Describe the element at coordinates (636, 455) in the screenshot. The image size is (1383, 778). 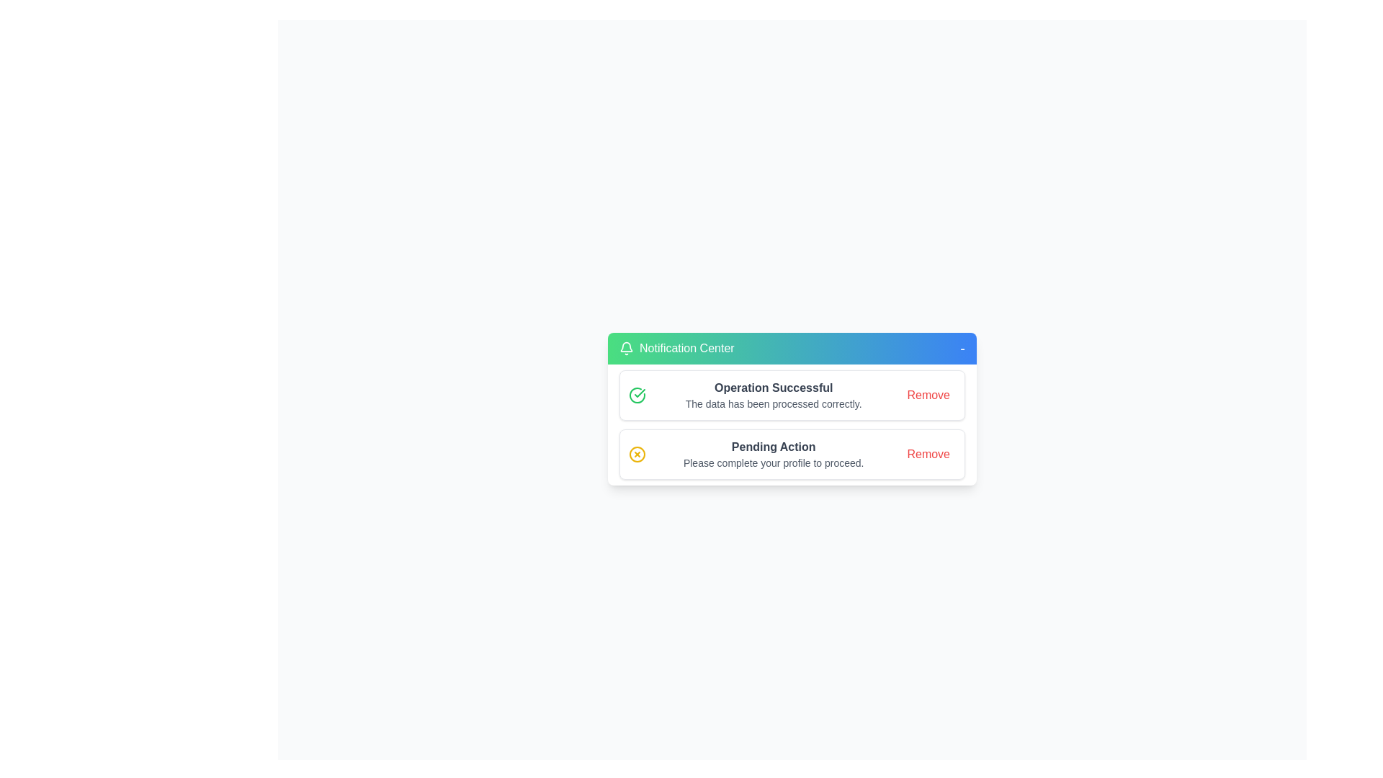
I see `the circular icon with a yellow border and a red 'X' symbol, which is located in the second notification box next to the text 'Pending Action'` at that location.